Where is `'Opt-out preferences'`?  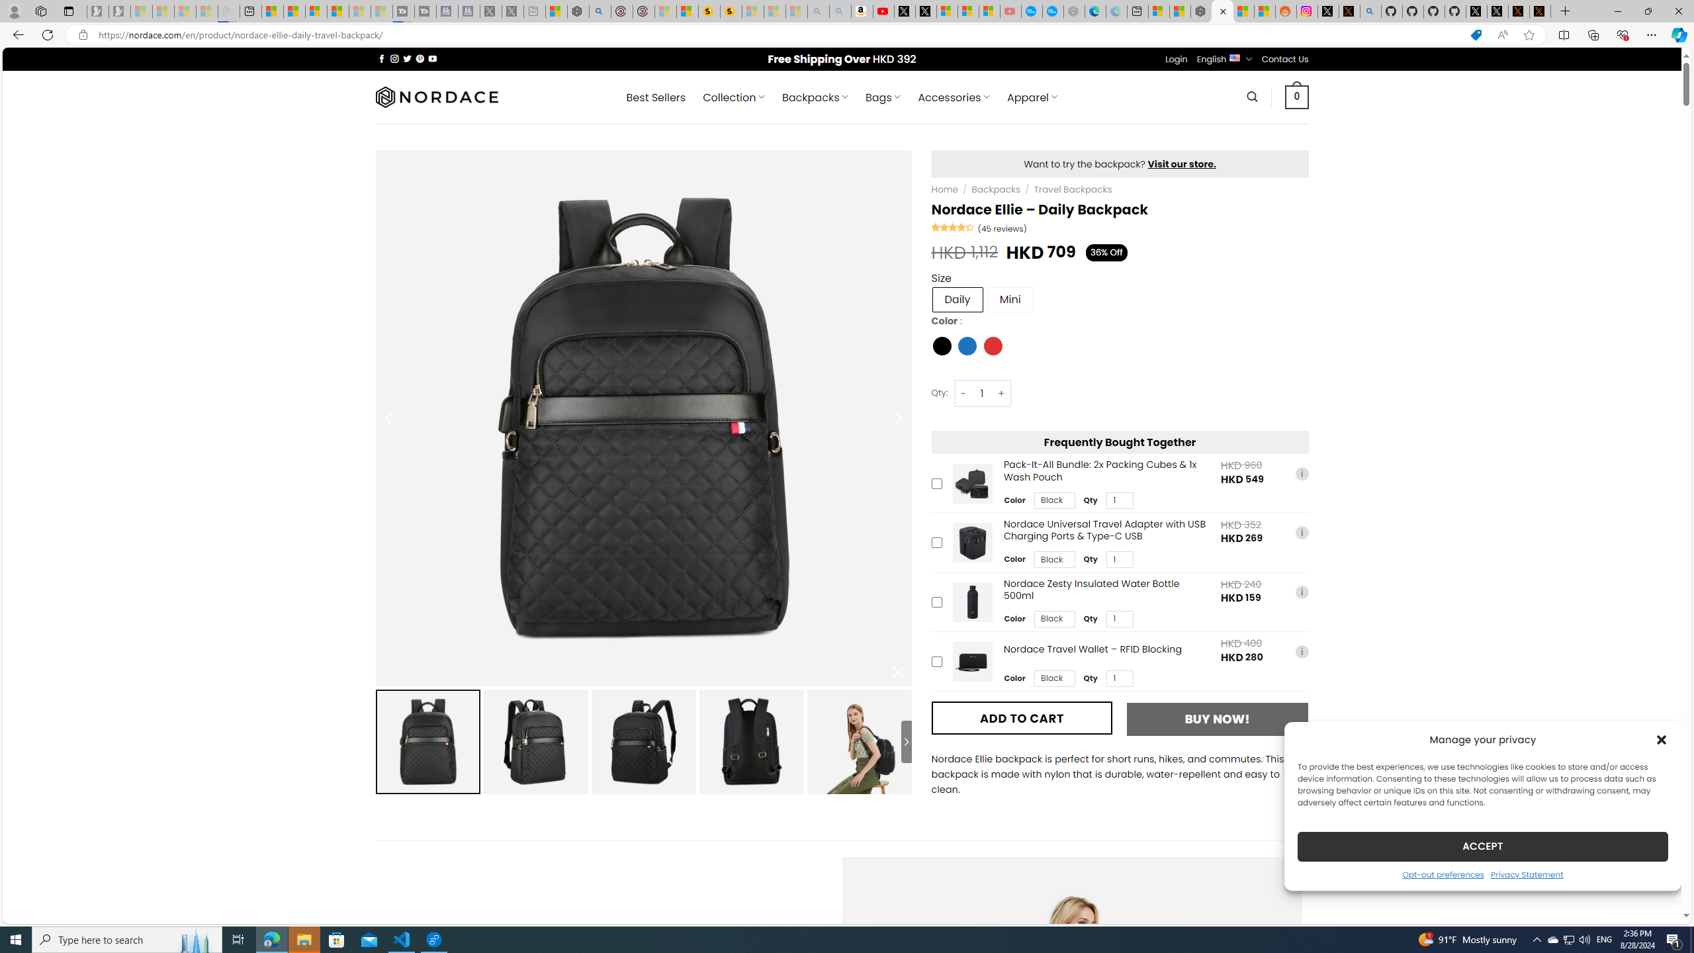
'Opt-out preferences' is located at coordinates (1443, 874).